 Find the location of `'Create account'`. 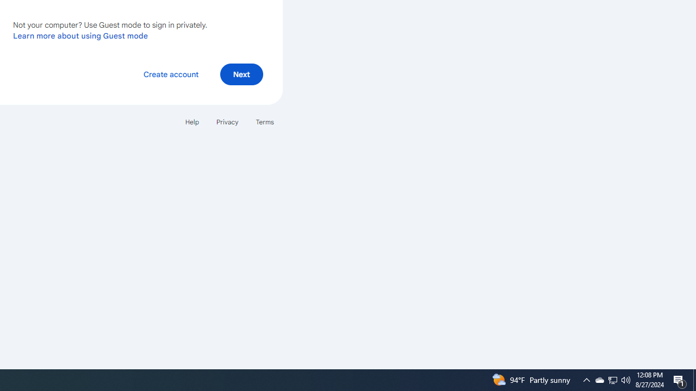

'Create account' is located at coordinates (170, 73).